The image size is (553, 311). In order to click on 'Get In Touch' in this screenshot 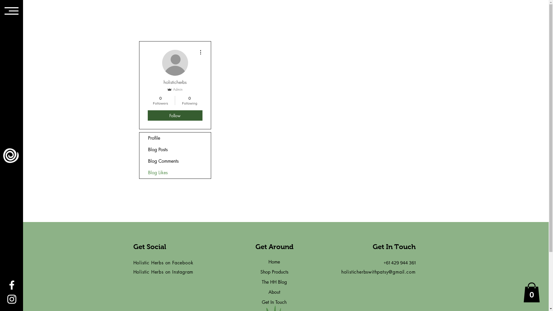, I will do `click(274, 302)`.